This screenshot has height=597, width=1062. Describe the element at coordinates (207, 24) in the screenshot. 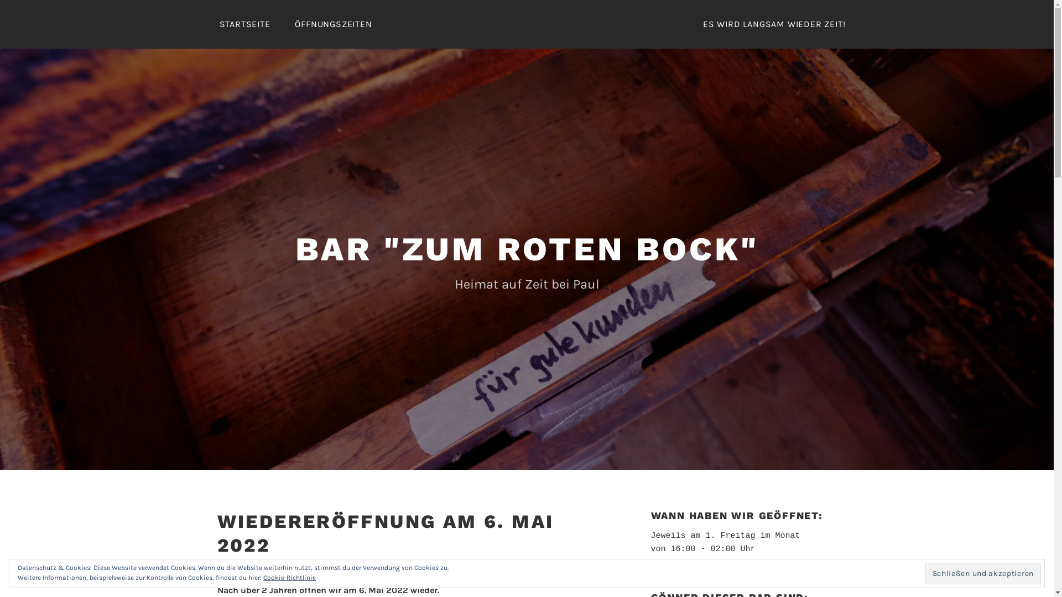

I see `'STARTSEITE'` at that location.